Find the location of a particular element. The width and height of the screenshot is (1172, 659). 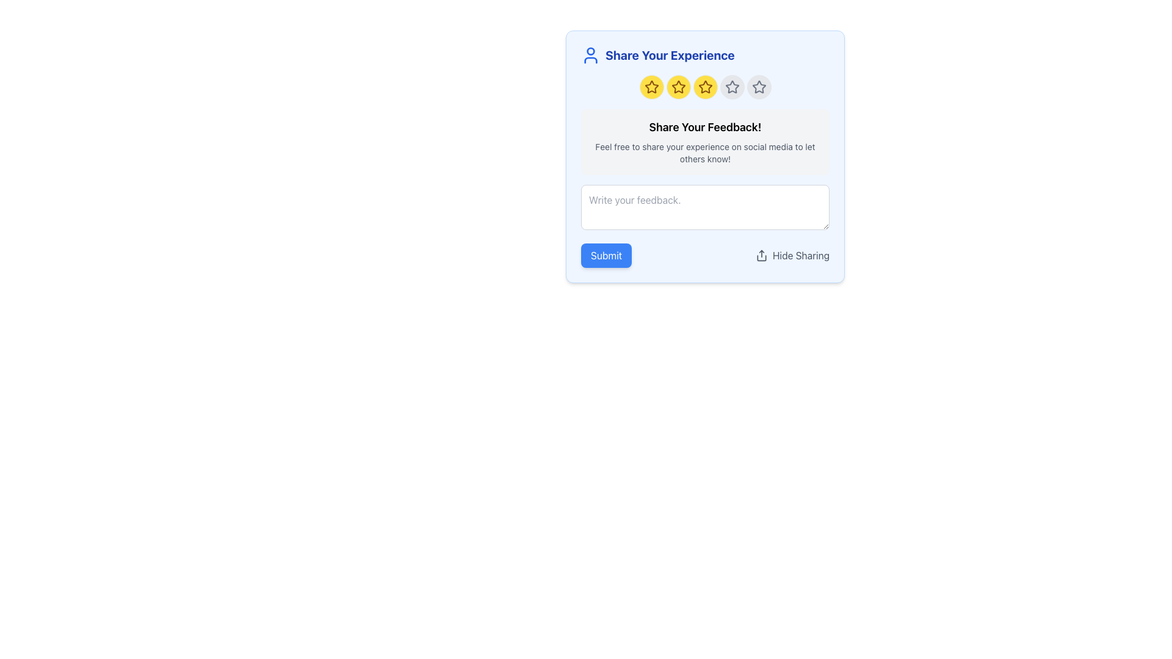

the first rating star in the horizontally aligned set of five stars, located near the top of the feedback section above the text box for feedback input is located at coordinates (651, 86).